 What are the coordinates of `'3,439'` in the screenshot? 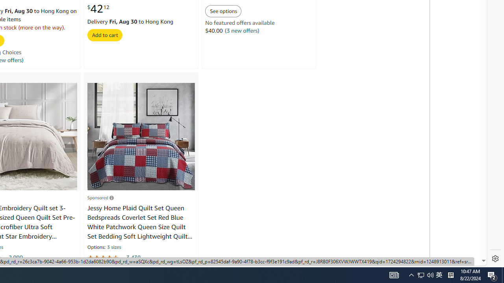 It's located at (133, 257).